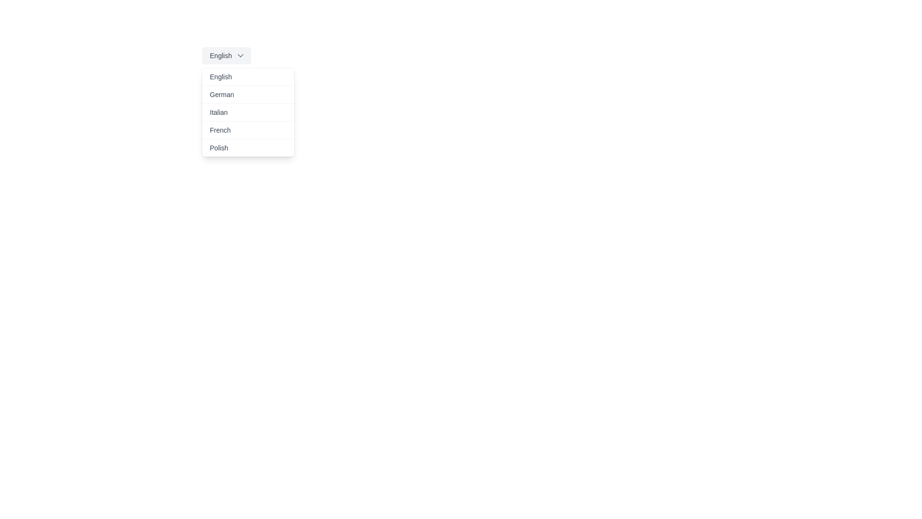 The height and width of the screenshot is (519, 922). Describe the element at coordinates (248, 111) in the screenshot. I see `the 'Italian' option in the dropdown menu using navigation keys` at that location.